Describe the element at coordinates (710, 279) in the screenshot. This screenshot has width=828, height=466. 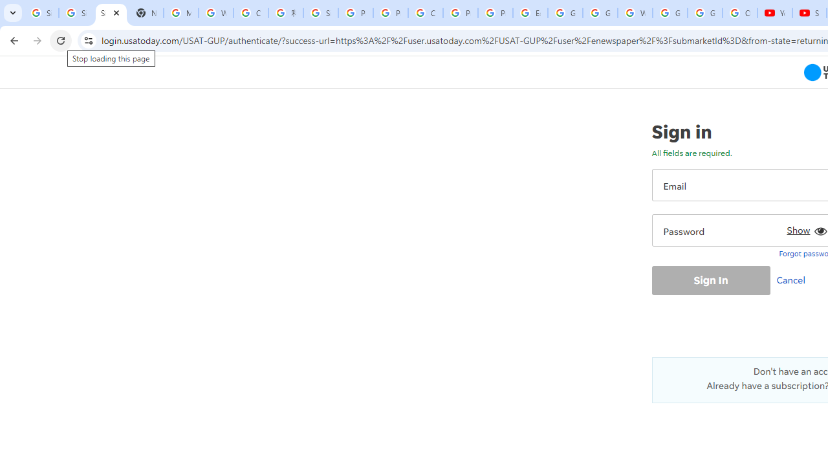
I see `'Sign In'` at that location.